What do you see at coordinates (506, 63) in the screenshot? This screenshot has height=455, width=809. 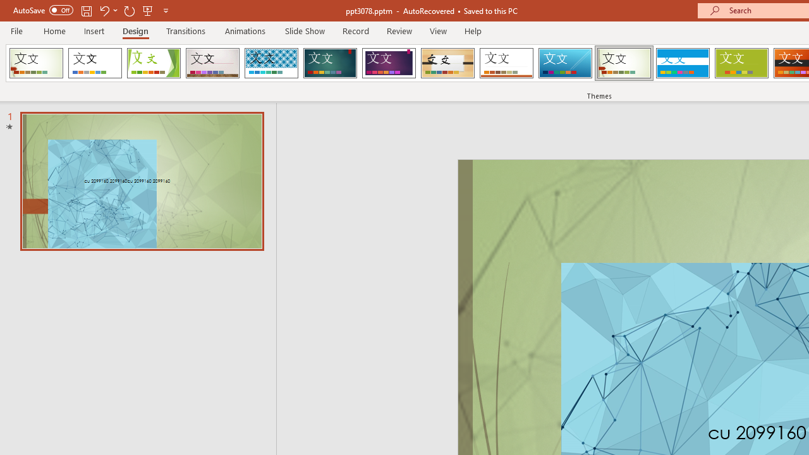 I see `'Retrospect Loading Preview...'` at bounding box center [506, 63].